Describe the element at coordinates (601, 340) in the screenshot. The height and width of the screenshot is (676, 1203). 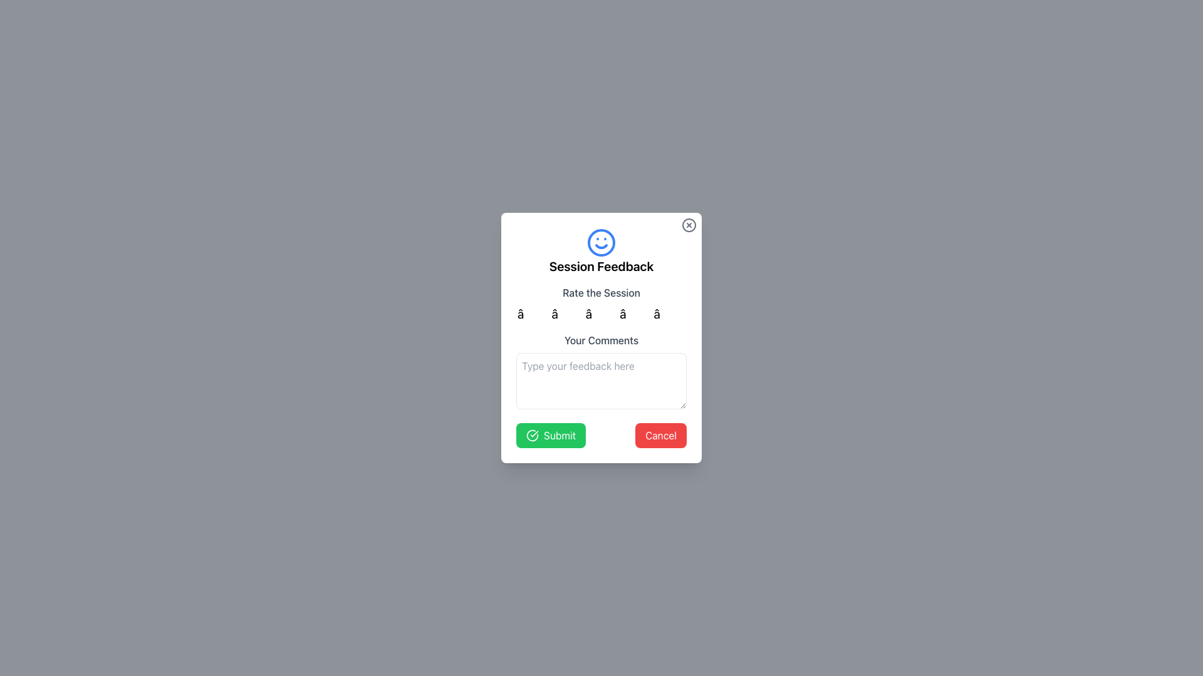
I see `text label displaying 'Your Comments' which is positioned above the comment input field in the middle of the form` at that location.